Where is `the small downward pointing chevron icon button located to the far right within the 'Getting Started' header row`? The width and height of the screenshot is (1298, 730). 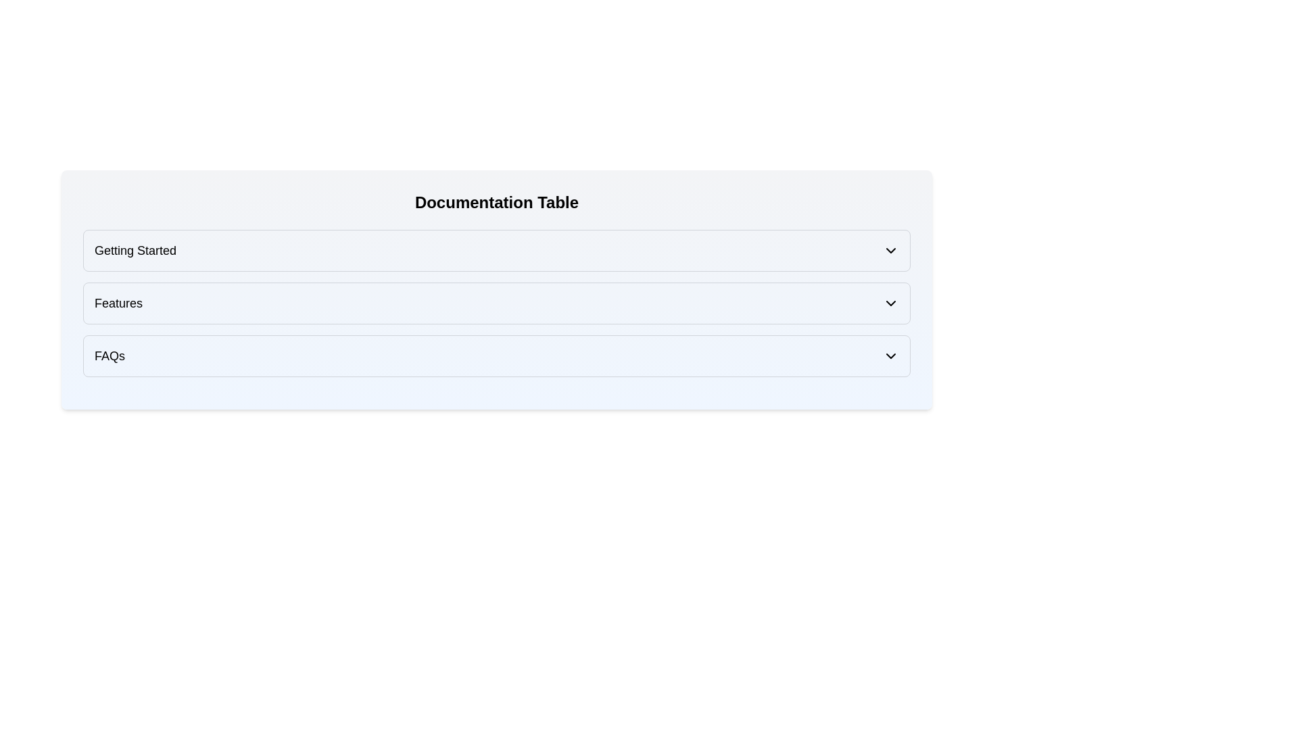
the small downward pointing chevron icon button located to the far right within the 'Getting Started' header row is located at coordinates (891, 250).